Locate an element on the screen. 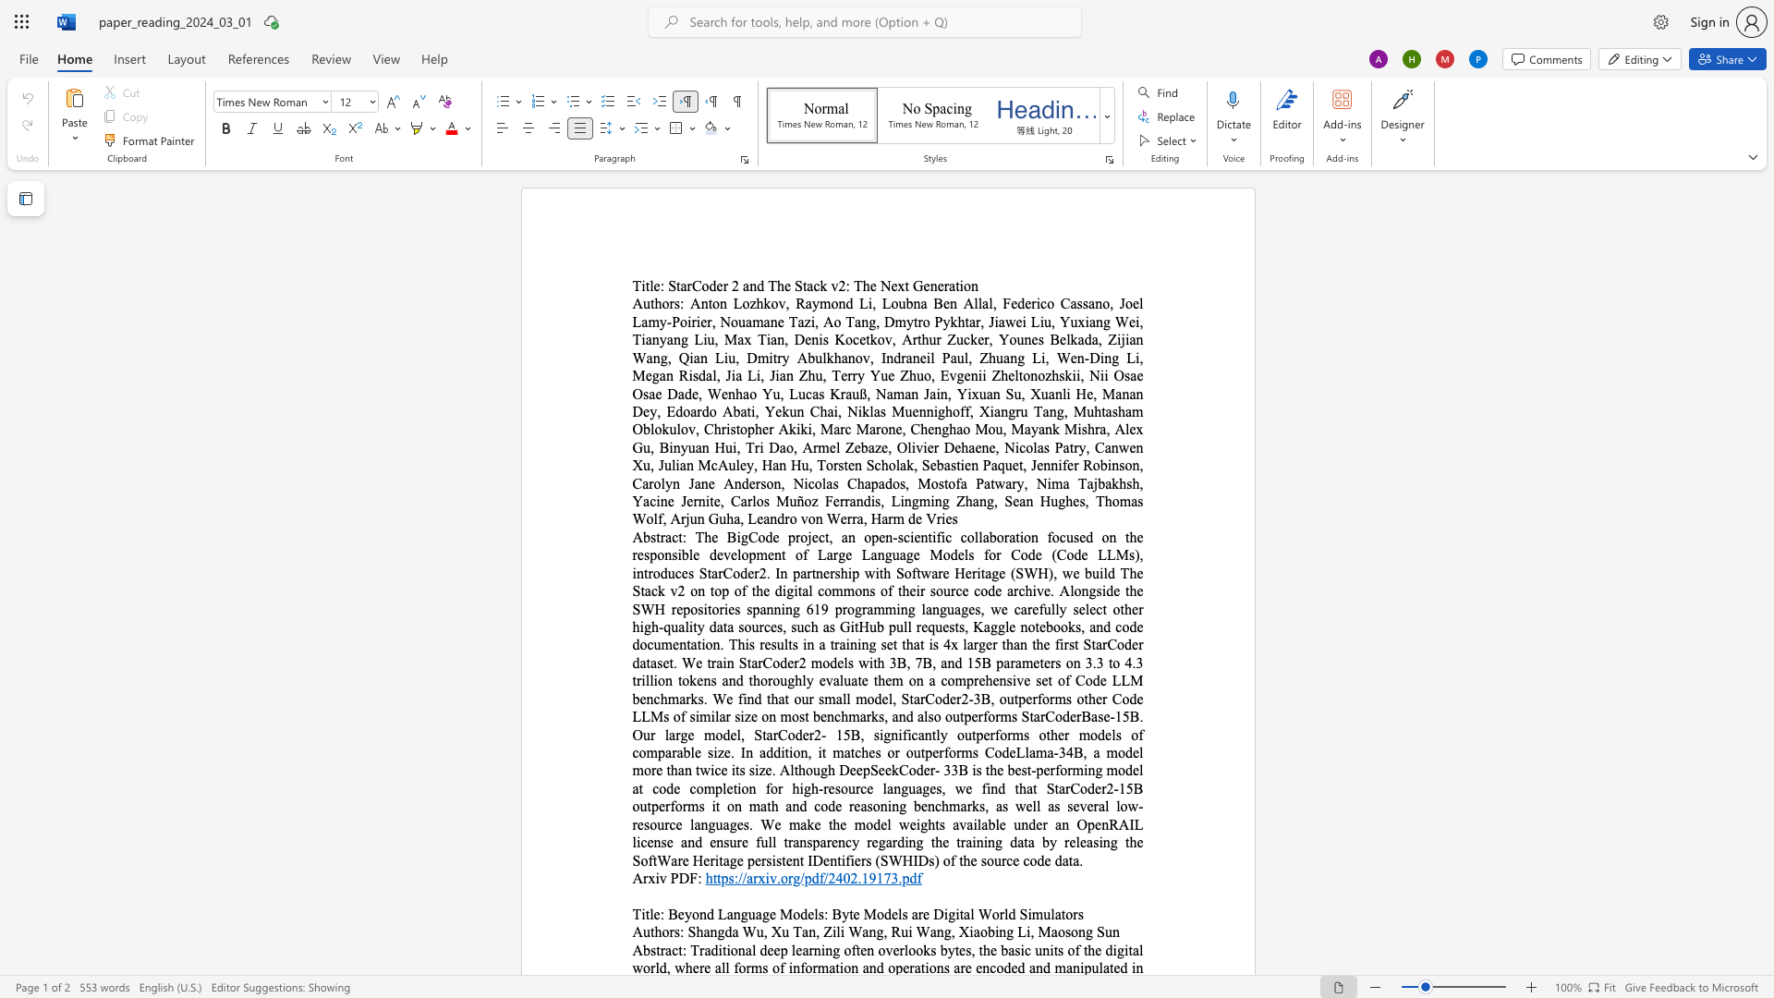  the 1th character "d" in the text is located at coordinates (727, 931).